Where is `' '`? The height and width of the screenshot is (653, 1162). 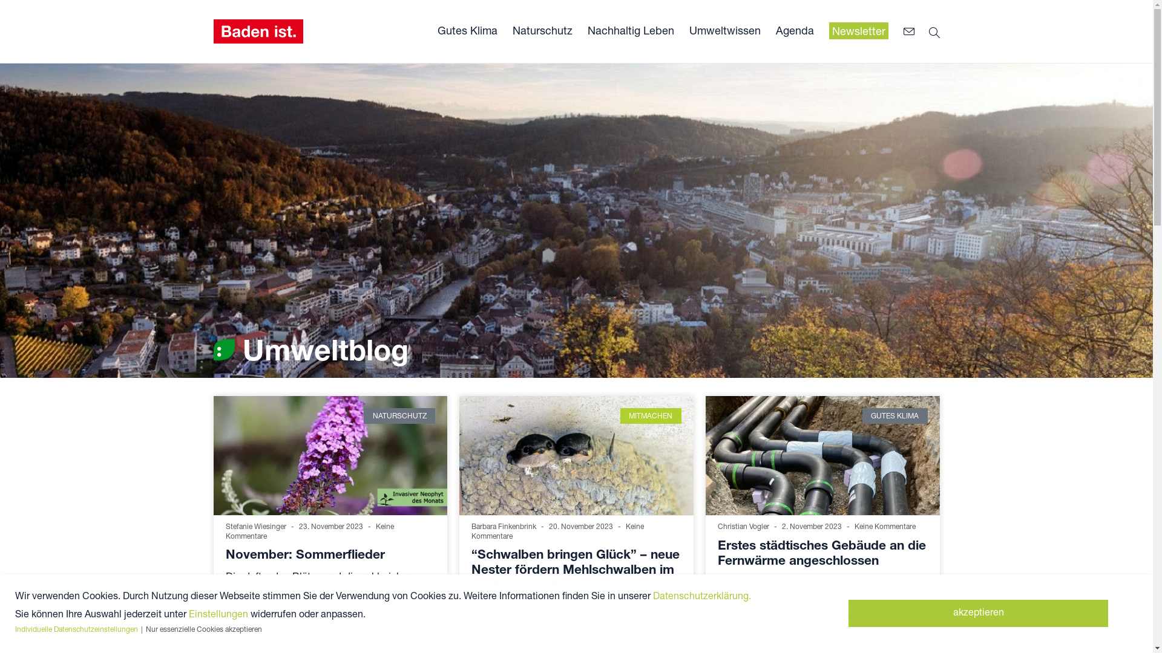 ' ' is located at coordinates (911, 31).